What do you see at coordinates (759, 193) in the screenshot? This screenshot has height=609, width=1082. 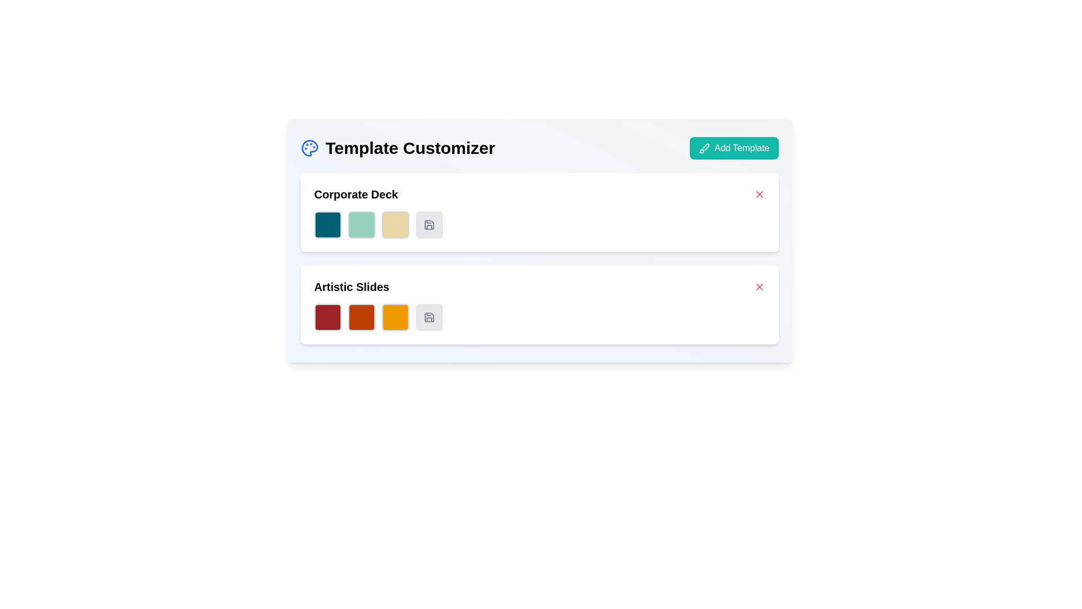 I see `the 'X' shaped close icon located in the upper-right corner of the 'Corporate Deck' card` at bounding box center [759, 193].